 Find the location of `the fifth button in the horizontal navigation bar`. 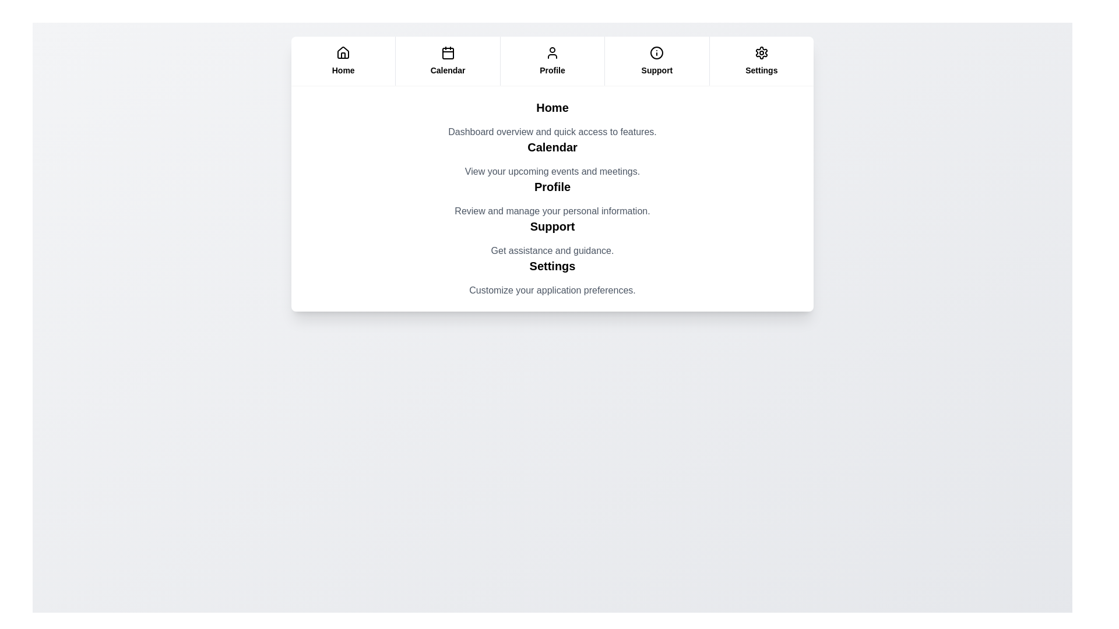

the fifth button in the horizontal navigation bar is located at coordinates (761, 61).